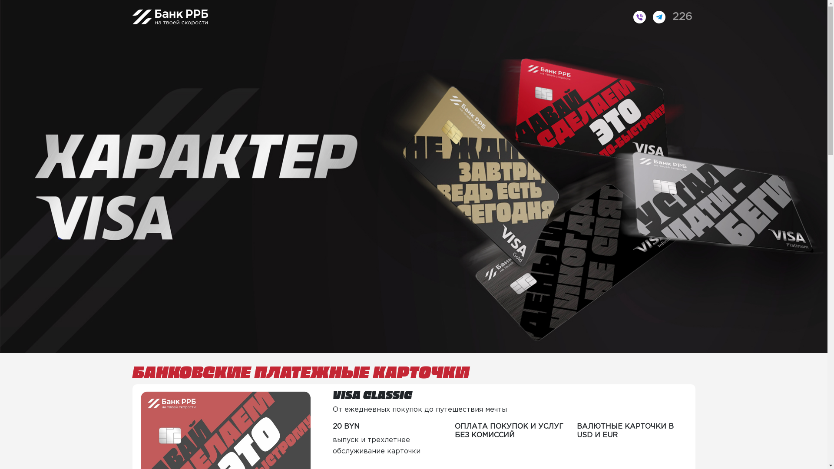 The width and height of the screenshot is (834, 469). I want to click on '226', so click(682, 17).